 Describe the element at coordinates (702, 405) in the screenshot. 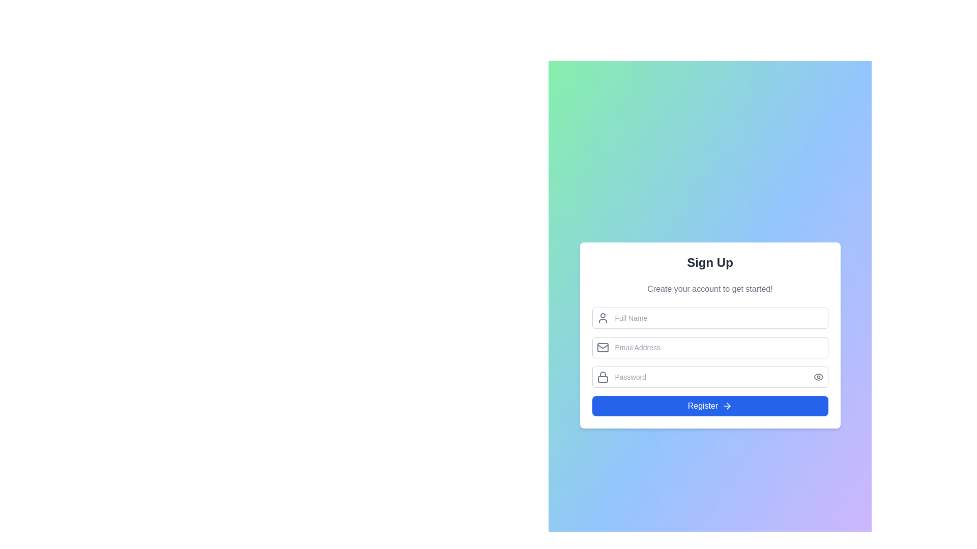

I see `the text label inside the button that indicates user registration or account creation, located centrally within the sign-up form interface` at that location.